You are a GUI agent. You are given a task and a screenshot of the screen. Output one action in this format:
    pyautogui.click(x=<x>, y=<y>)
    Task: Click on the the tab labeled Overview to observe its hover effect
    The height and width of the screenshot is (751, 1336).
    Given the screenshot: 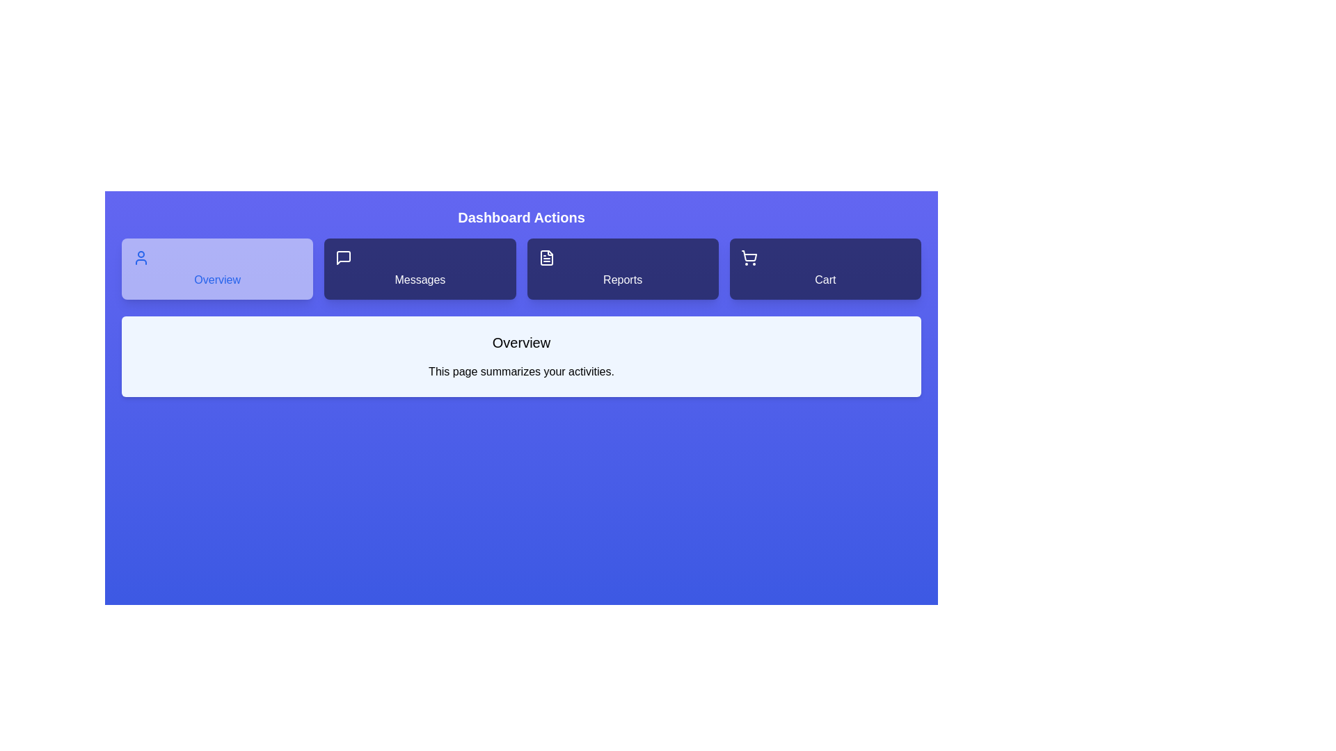 What is the action you would take?
    pyautogui.click(x=216, y=268)
    